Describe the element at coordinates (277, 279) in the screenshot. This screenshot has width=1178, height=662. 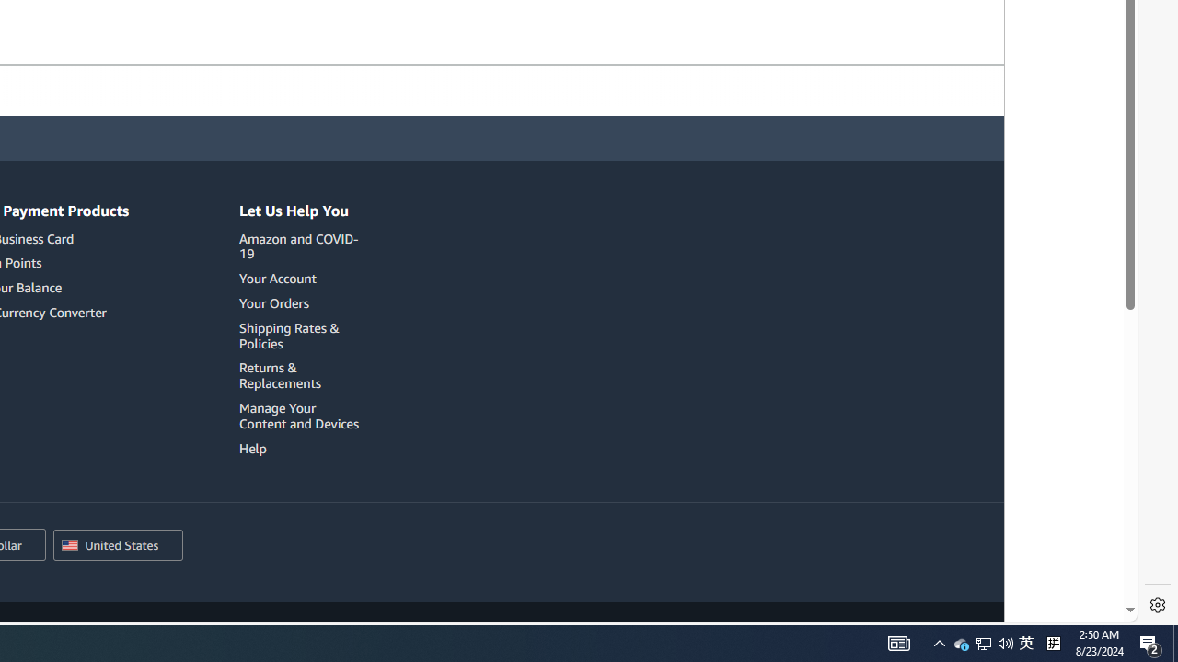
I see `'Your Account'` at that location.